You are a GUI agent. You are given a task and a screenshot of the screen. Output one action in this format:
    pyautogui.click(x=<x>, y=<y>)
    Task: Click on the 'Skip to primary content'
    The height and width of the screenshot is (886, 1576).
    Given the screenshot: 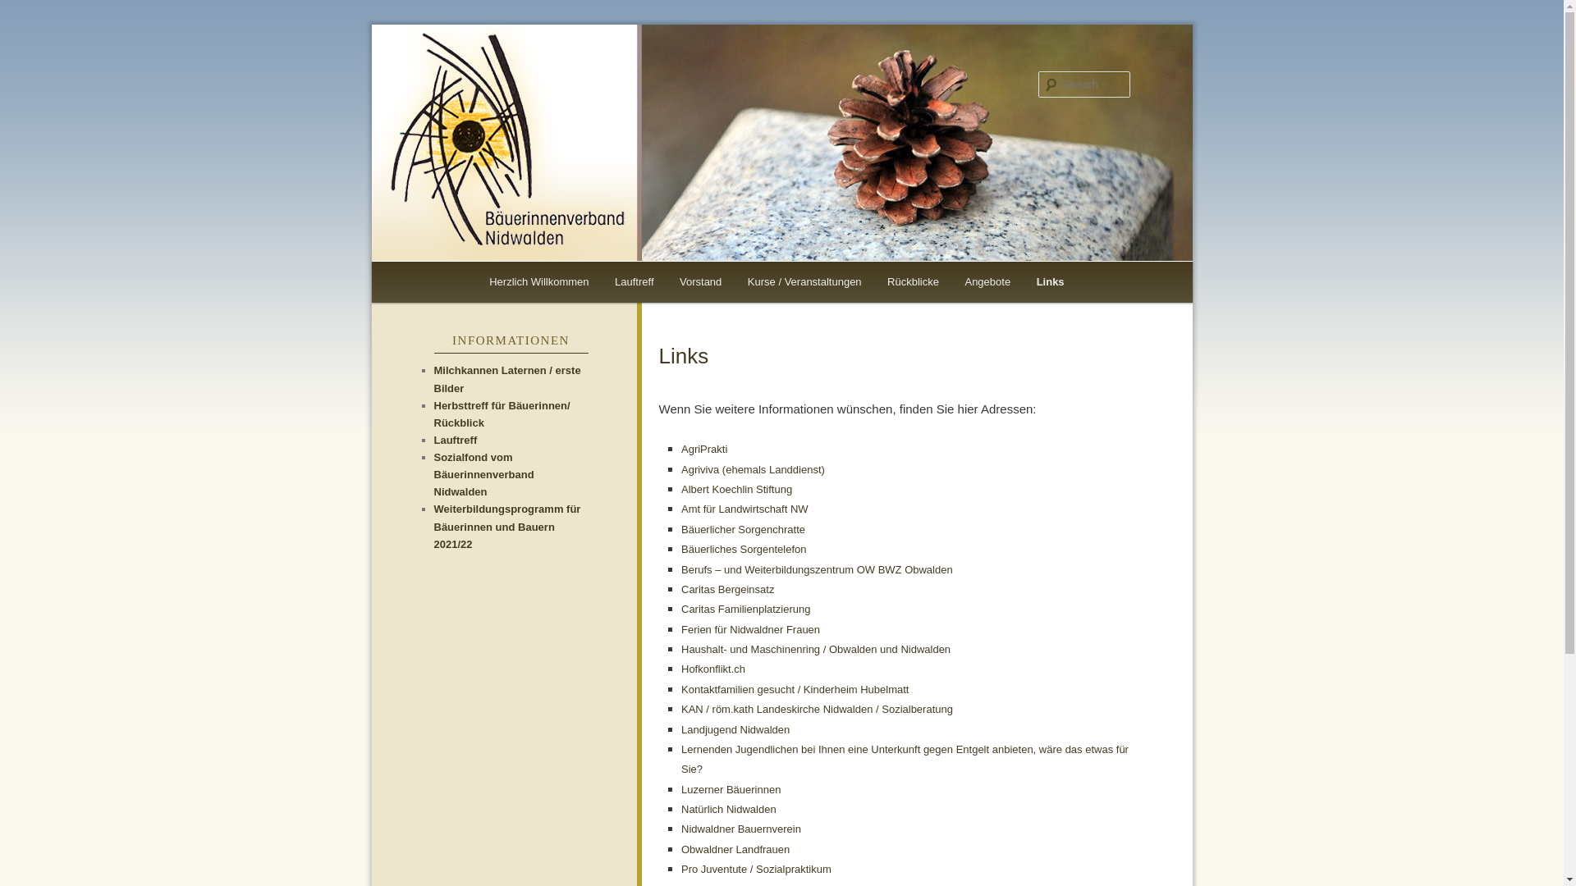 What is the action you would take?
    pyautogui.click(x=499, y=281)
    